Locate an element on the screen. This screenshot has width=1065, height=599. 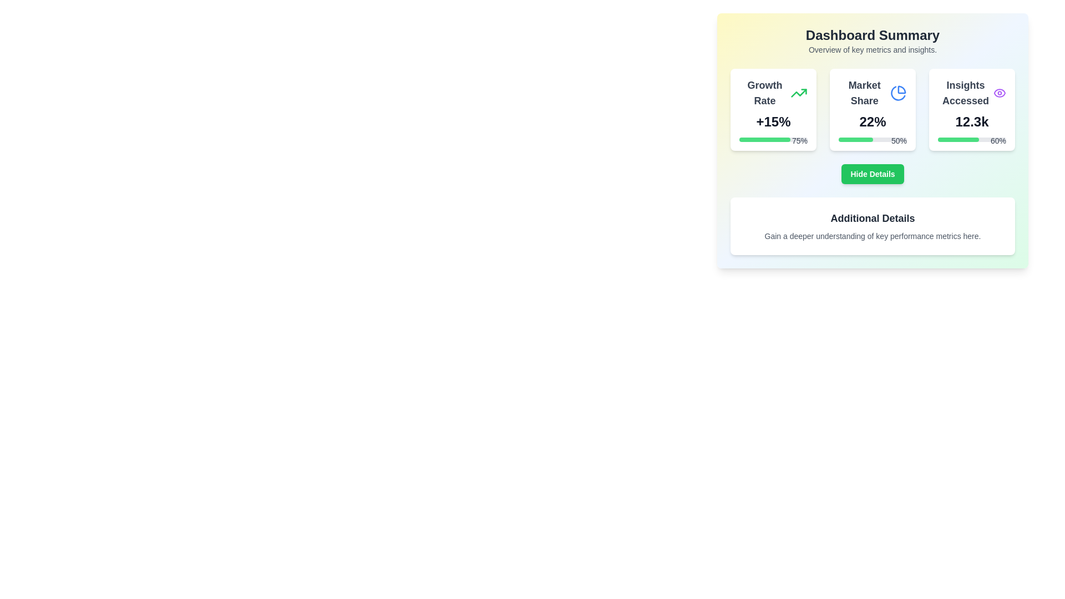
completion percentage from the progress bar located in the bottom portion of the 'Insights Accessed' card, which indicates 60% completion with the text '60%' displayed to the right is located at coordinates (971, 139).